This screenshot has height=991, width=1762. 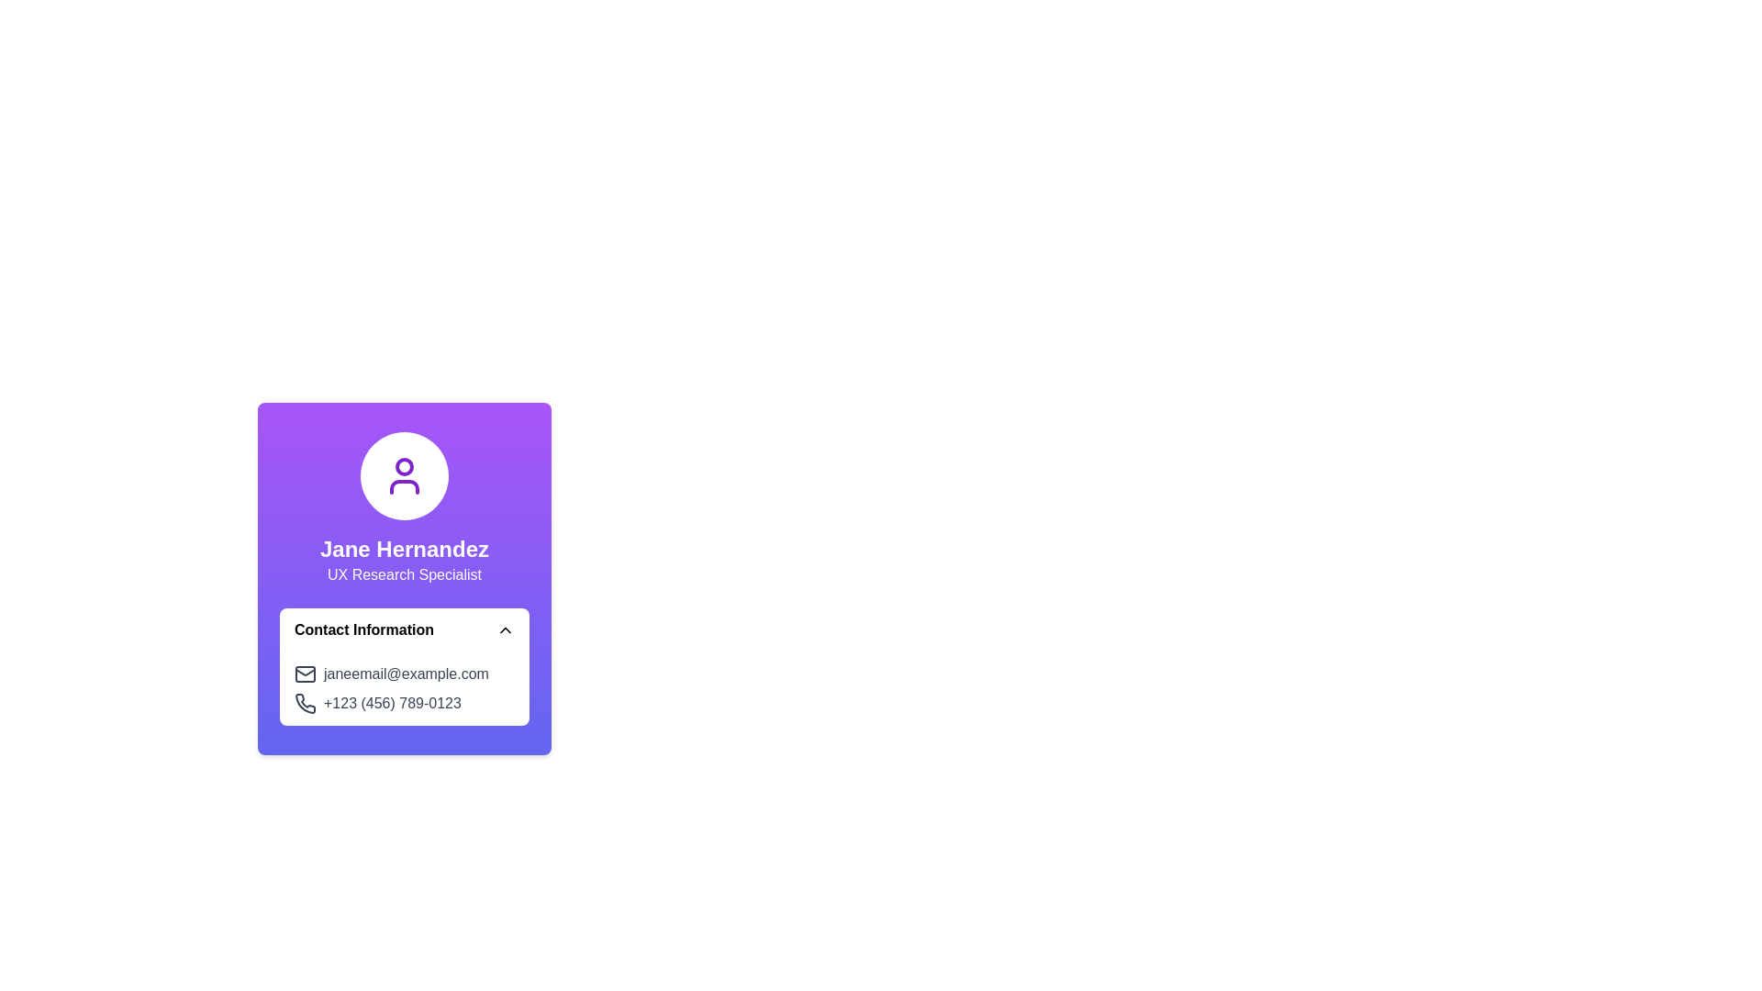 What do you see at coordinates (404, 674) in the screenshot?
I see `the email address in the Contact Information section, which is the top entry displaying a stylized envelope icon and the email text` at bounding box center [404, 674].